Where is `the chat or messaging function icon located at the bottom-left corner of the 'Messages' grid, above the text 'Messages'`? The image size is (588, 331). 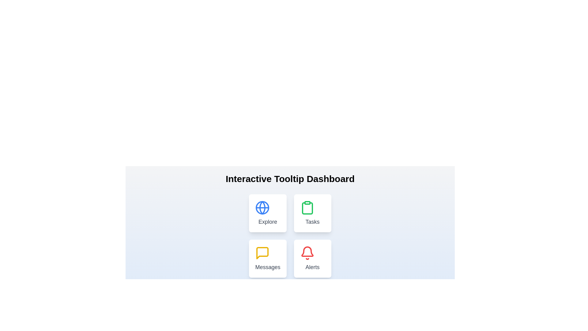 the chat or messaging function icon located at the bottom-left corner of the 'Messages' grid, above the text 'Messages' is located at coordinates (262, 253).